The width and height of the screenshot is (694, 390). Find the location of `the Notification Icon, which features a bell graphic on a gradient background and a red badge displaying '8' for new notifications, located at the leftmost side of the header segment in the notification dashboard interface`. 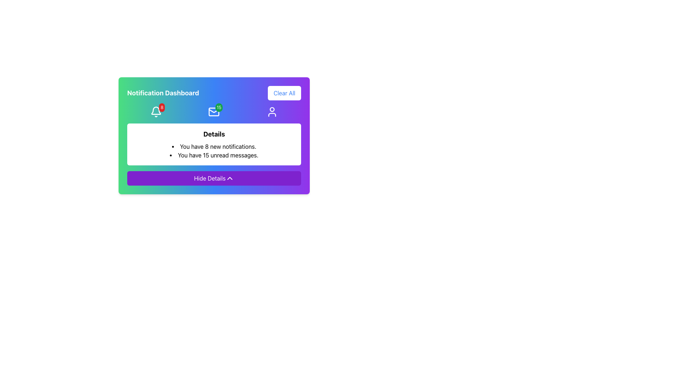

the Notification Icon, which features a bell graphic on a gradient background and a red badge displaying '8' for new notifications, located at the leftmost side of the header segment in the notification dashboard interface is located at coordinates (156, 112).